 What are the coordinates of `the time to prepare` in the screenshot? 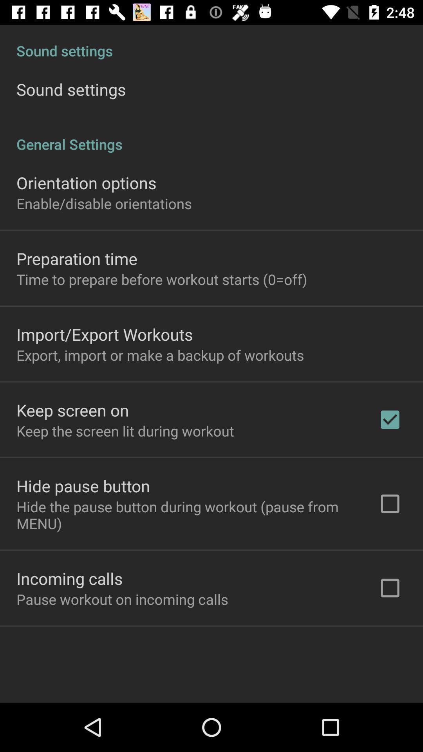 It's located at (161, 279).